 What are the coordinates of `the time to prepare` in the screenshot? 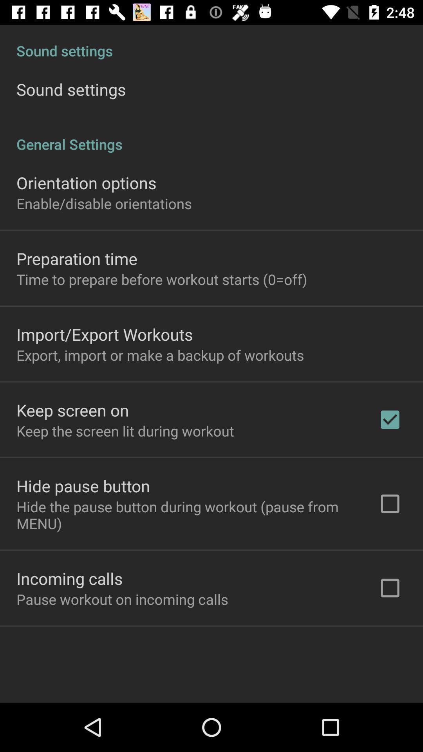 It's located at (161, 279).